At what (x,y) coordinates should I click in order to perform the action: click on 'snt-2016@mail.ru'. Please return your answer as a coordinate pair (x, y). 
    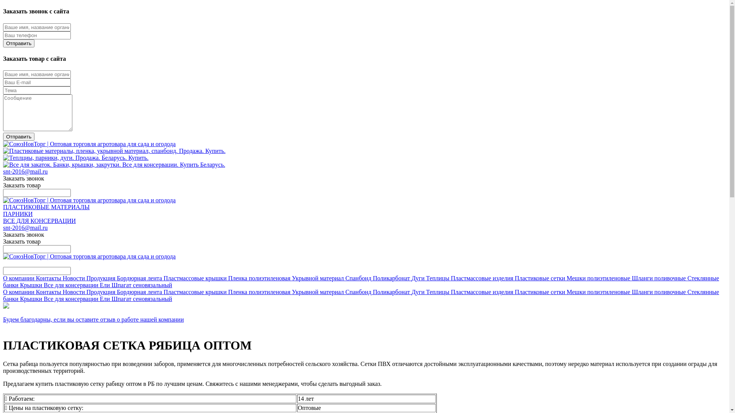
    Looking at the image, I should click on (25, 227).